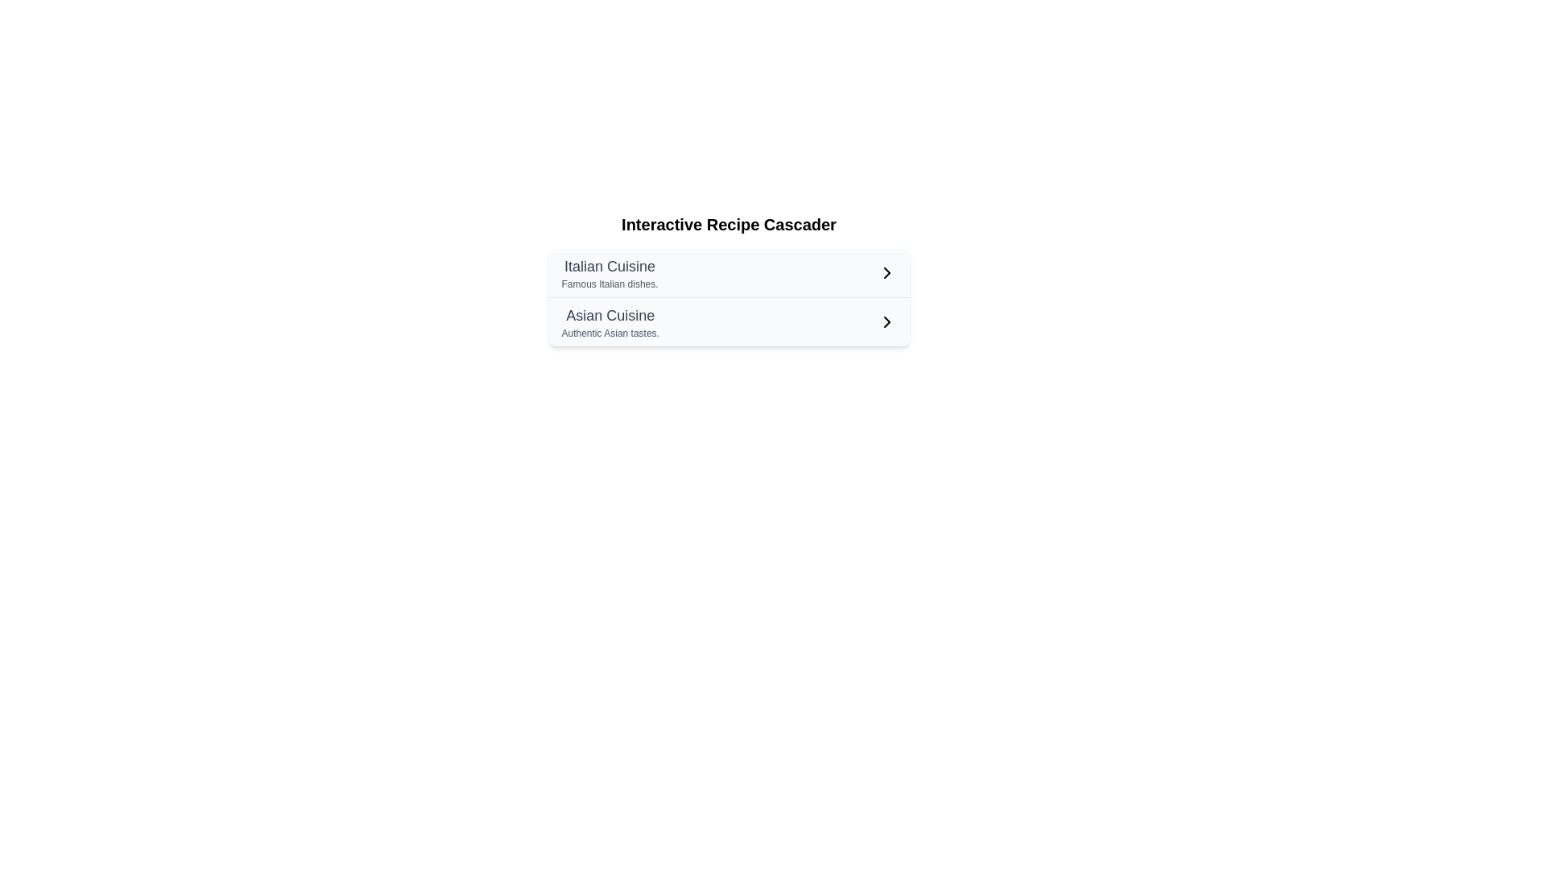 The image size is (1546, 870). Describe the element at coordinates (609, 284) in the screenshot. I see `the descriptive text label that provides additional information about the 'Italian Cuisine' category, located directly below the 'Italian Cuisine' header` at that location.